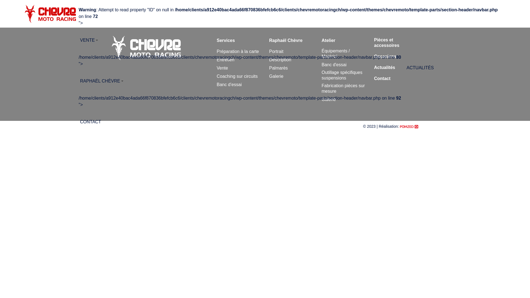 This screenshot has height=298, width=530. Describe the element at coordinates (276, 76) in the screenshot. I see `'Galerie'` at that location.